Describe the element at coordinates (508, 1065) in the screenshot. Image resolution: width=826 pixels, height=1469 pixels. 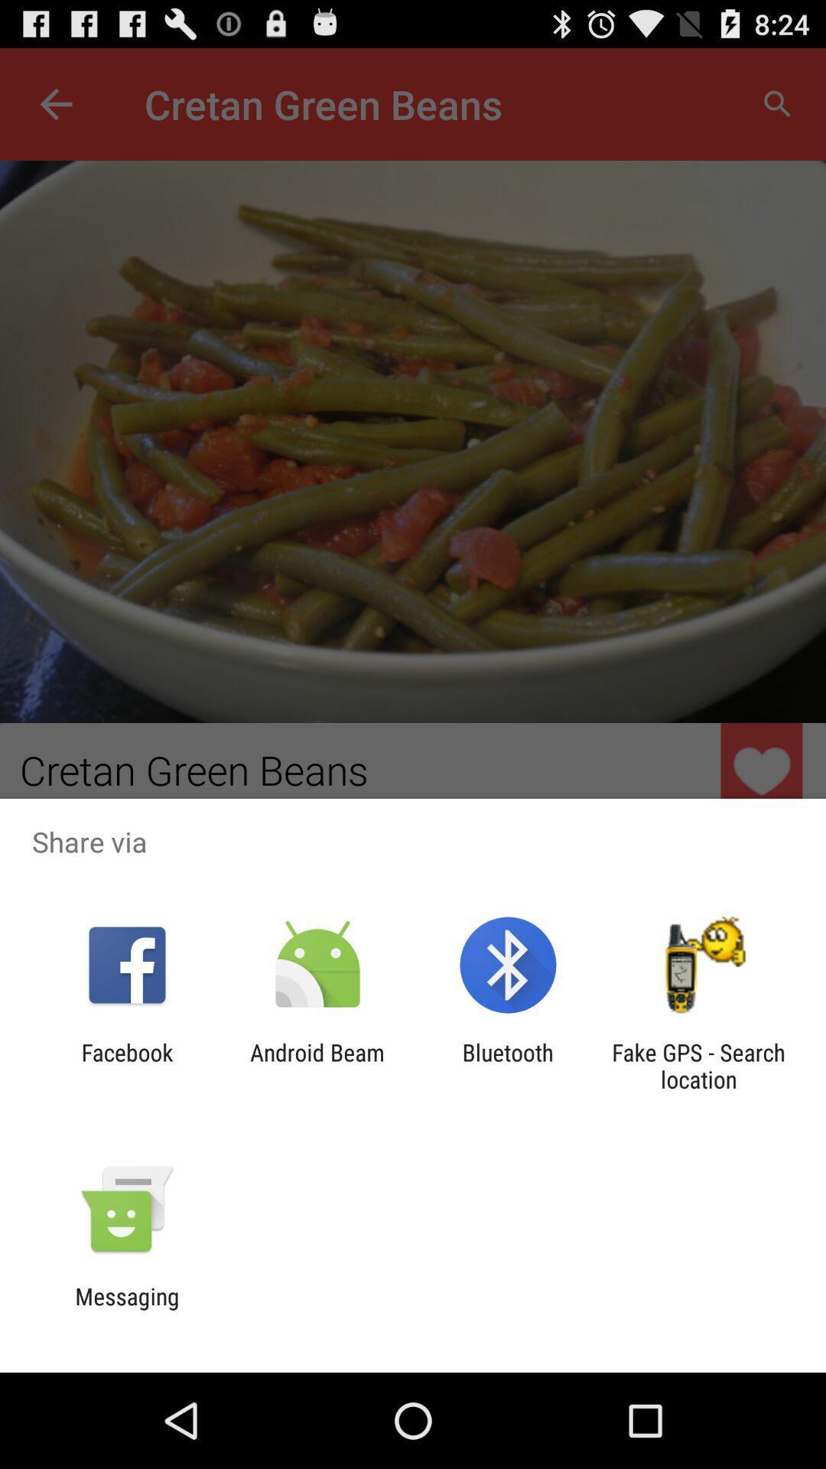
I see `the bluetooth` at that location.